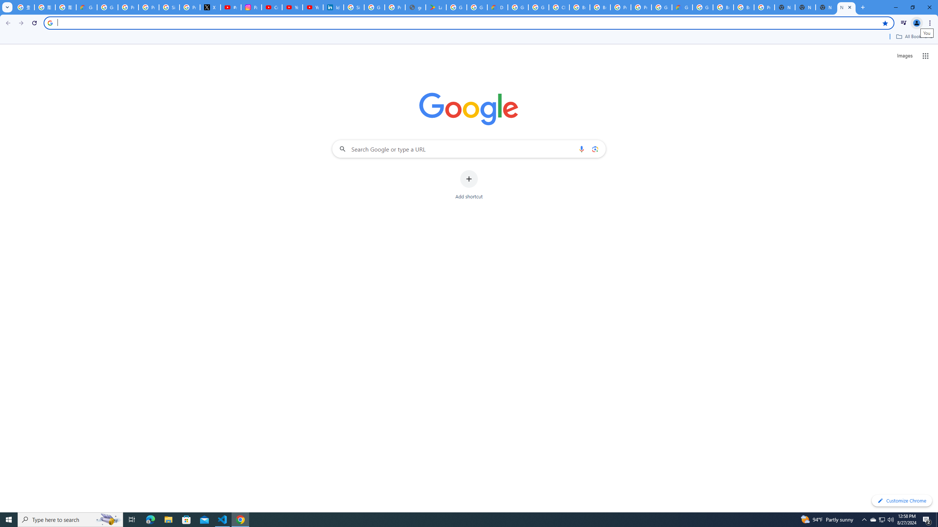  Describe the element at coordinates (826, 7) in the screenshot. I see `'New Tab'` at that location.